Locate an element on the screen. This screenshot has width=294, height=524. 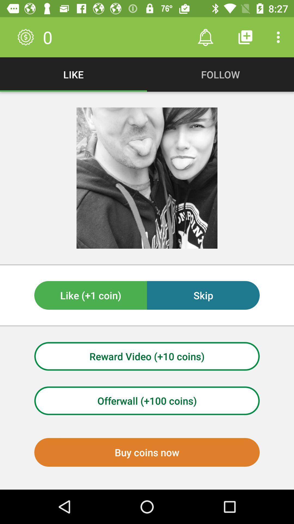
offerwall (+100 coins) icon is located at coordinates (147, 401).